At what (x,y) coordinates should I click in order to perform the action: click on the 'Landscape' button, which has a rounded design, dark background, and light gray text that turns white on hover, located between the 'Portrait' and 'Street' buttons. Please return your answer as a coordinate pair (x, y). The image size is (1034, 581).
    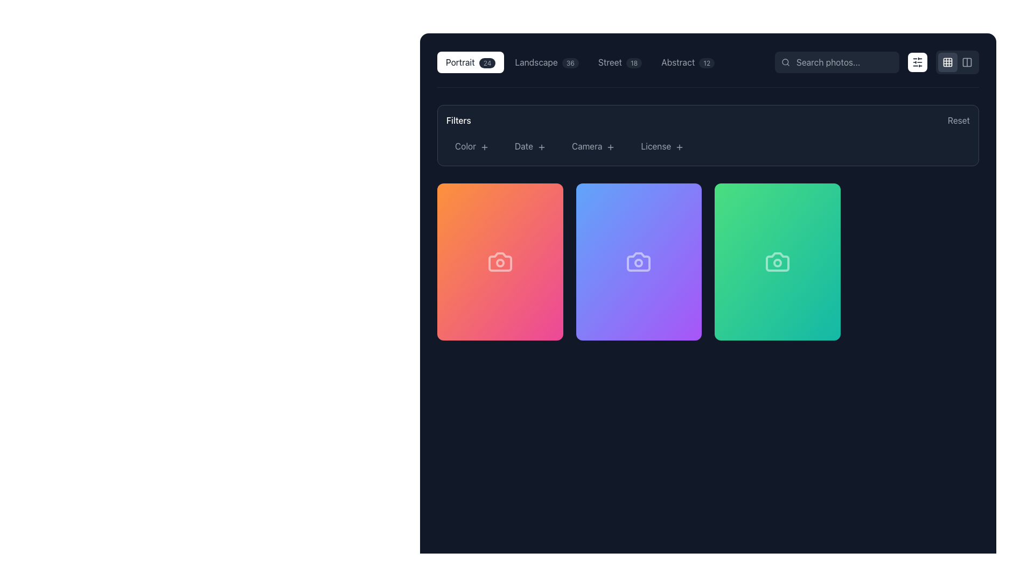
    Looking at the image, I should click on (547, 62).